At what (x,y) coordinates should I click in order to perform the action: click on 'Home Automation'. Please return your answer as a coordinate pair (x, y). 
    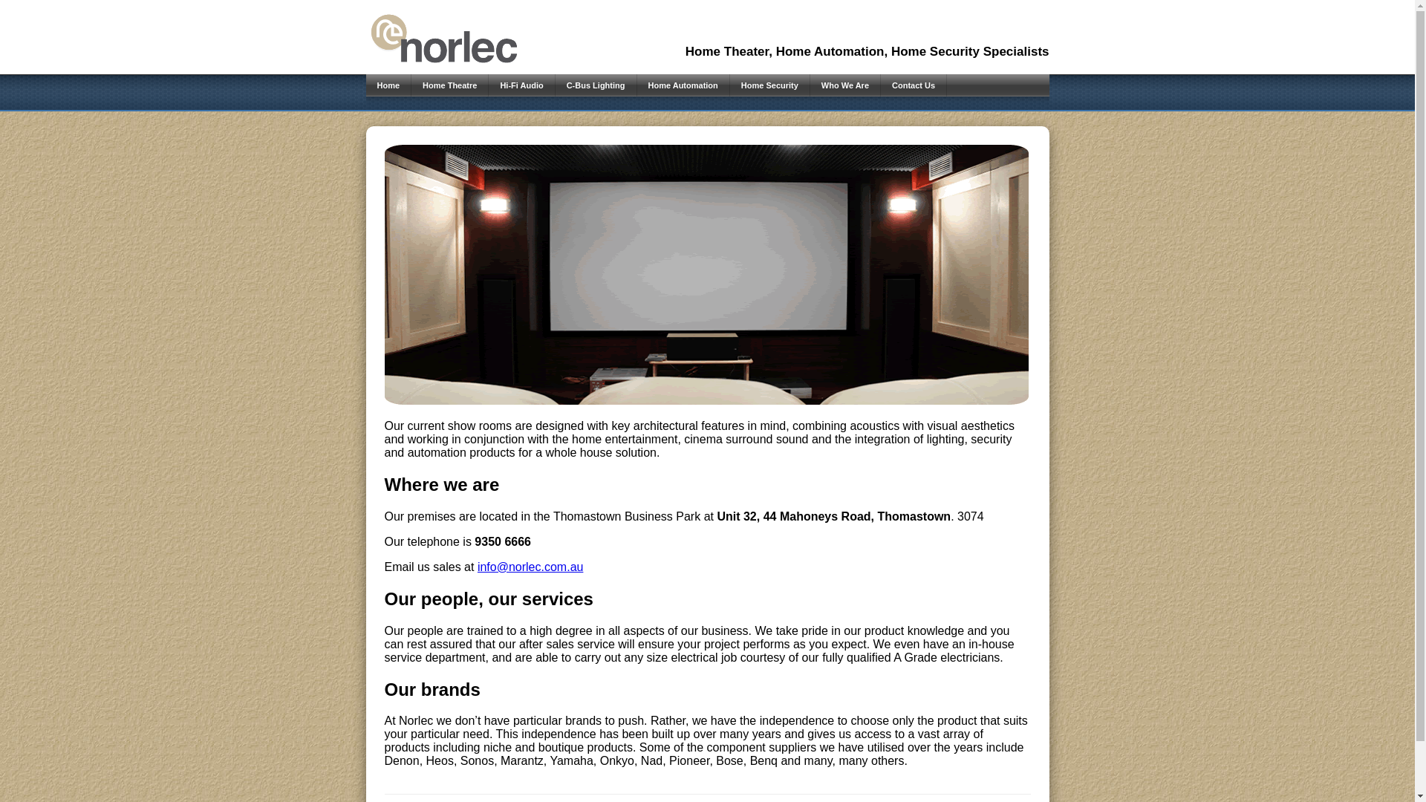
    Looking at the image, I should click on (683, 85).